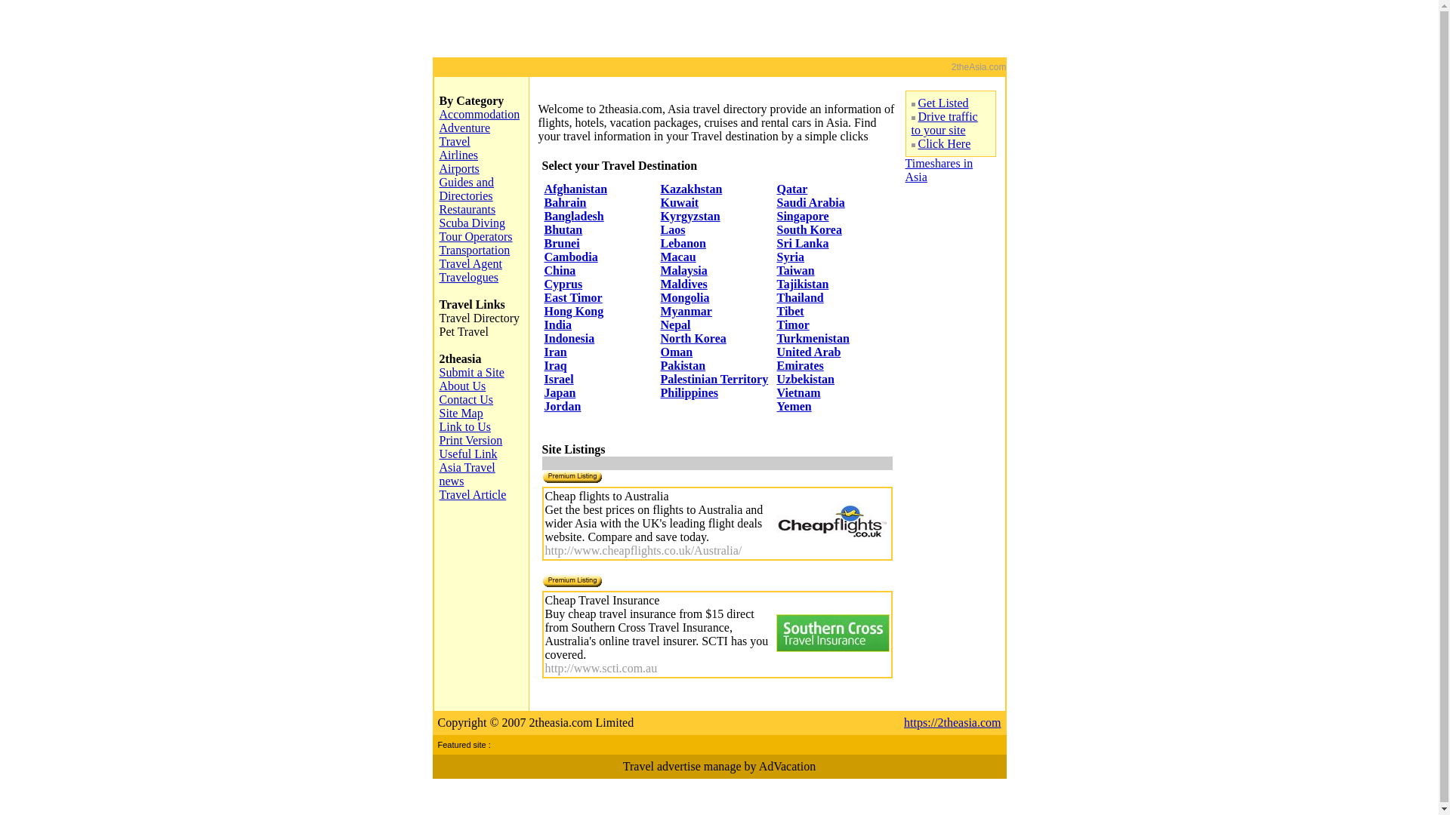  What do you see at coordinates (683, 284) in the screenshot?
I see `'Maldives'` at bounding box center [683, 284].